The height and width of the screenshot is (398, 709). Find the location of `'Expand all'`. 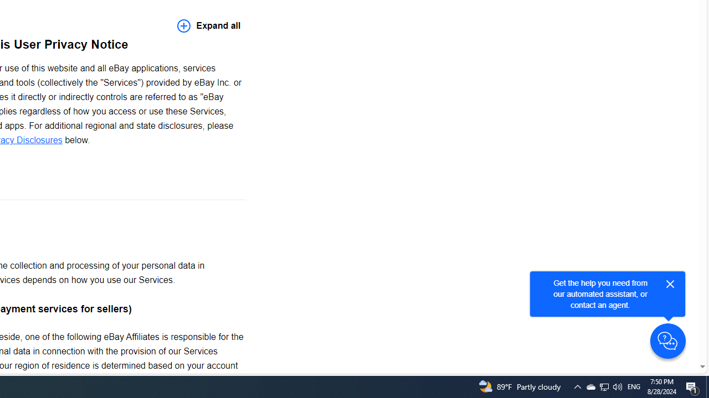

'Expand all' is located at coordinates (209, 25).